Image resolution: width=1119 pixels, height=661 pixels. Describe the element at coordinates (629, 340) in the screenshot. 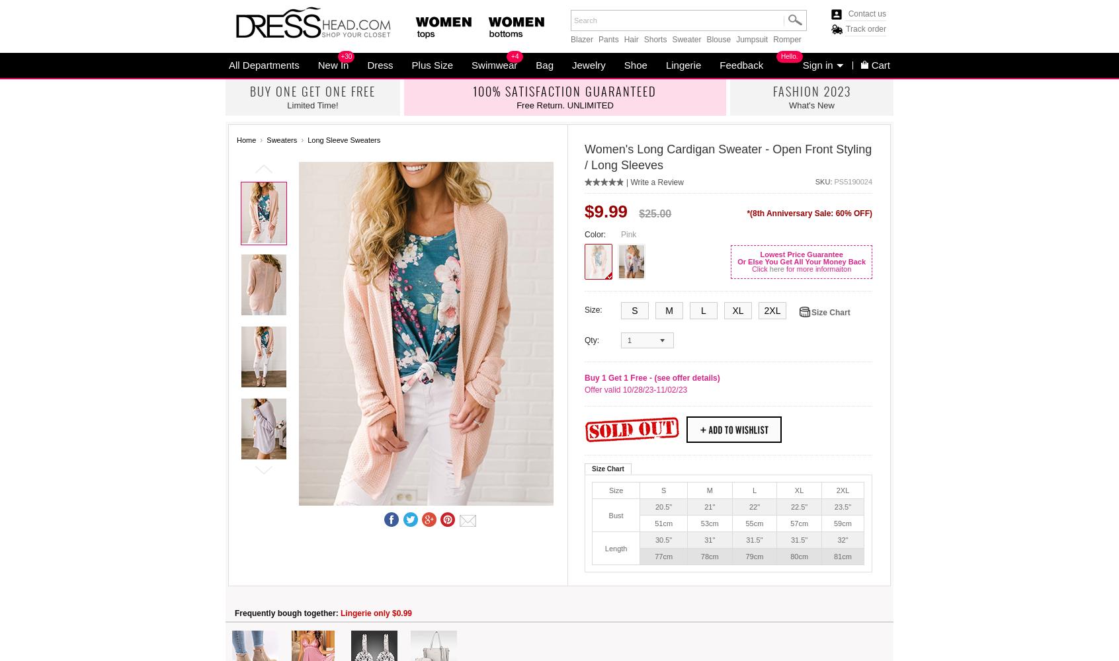

I see `'1'` at that location.